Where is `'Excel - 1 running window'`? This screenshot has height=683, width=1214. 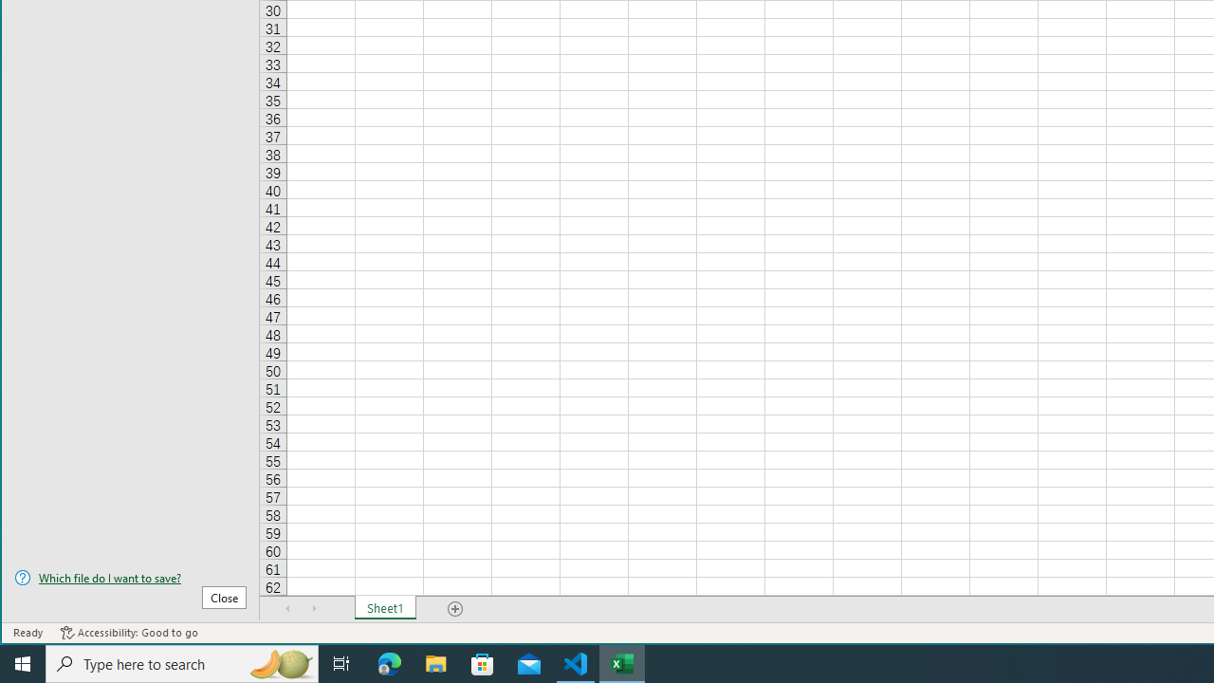 'Excel - 1 running window' is located at coordinates (622, 662).